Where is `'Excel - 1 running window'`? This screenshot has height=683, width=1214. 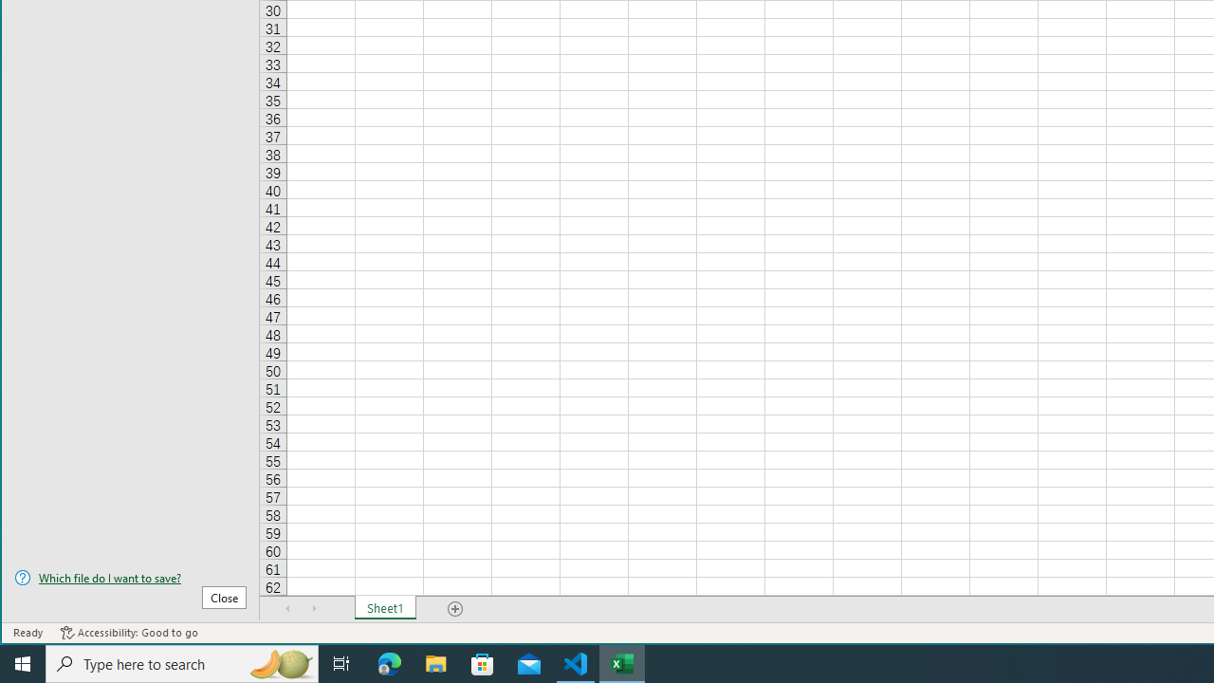 'Excel - 1 running window' is located at coordinates (622, 662).